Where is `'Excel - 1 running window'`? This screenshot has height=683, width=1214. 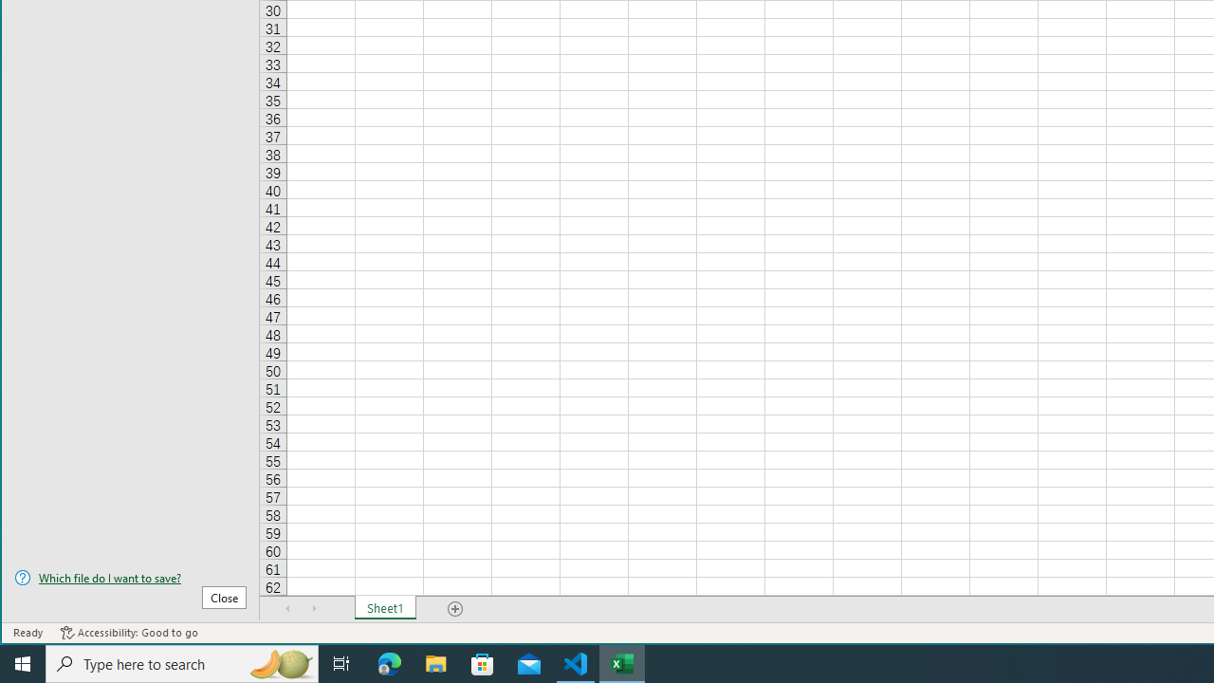 'Excel - 1 running window' is located at coordinates (622, 662).